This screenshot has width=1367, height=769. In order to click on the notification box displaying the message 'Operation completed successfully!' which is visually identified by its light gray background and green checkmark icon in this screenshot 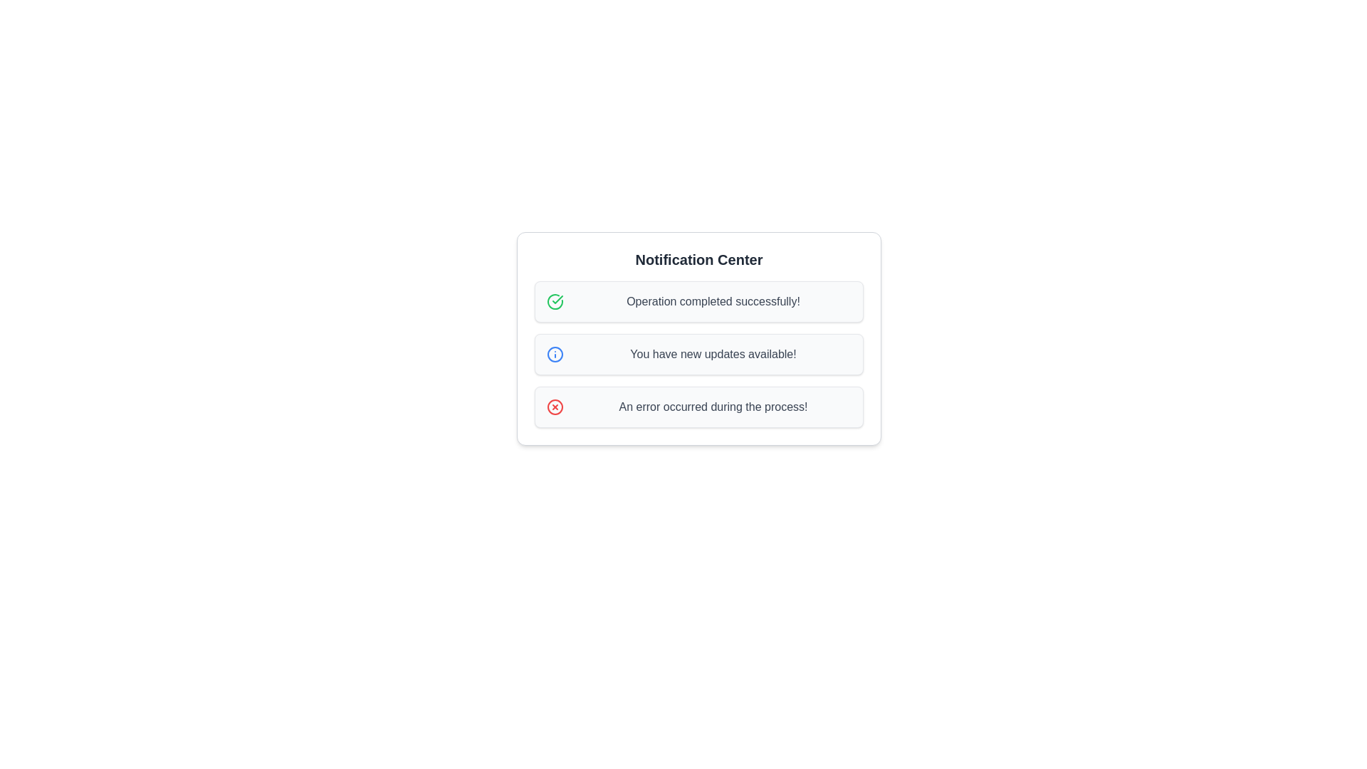, I will do `click(699, 301)`.